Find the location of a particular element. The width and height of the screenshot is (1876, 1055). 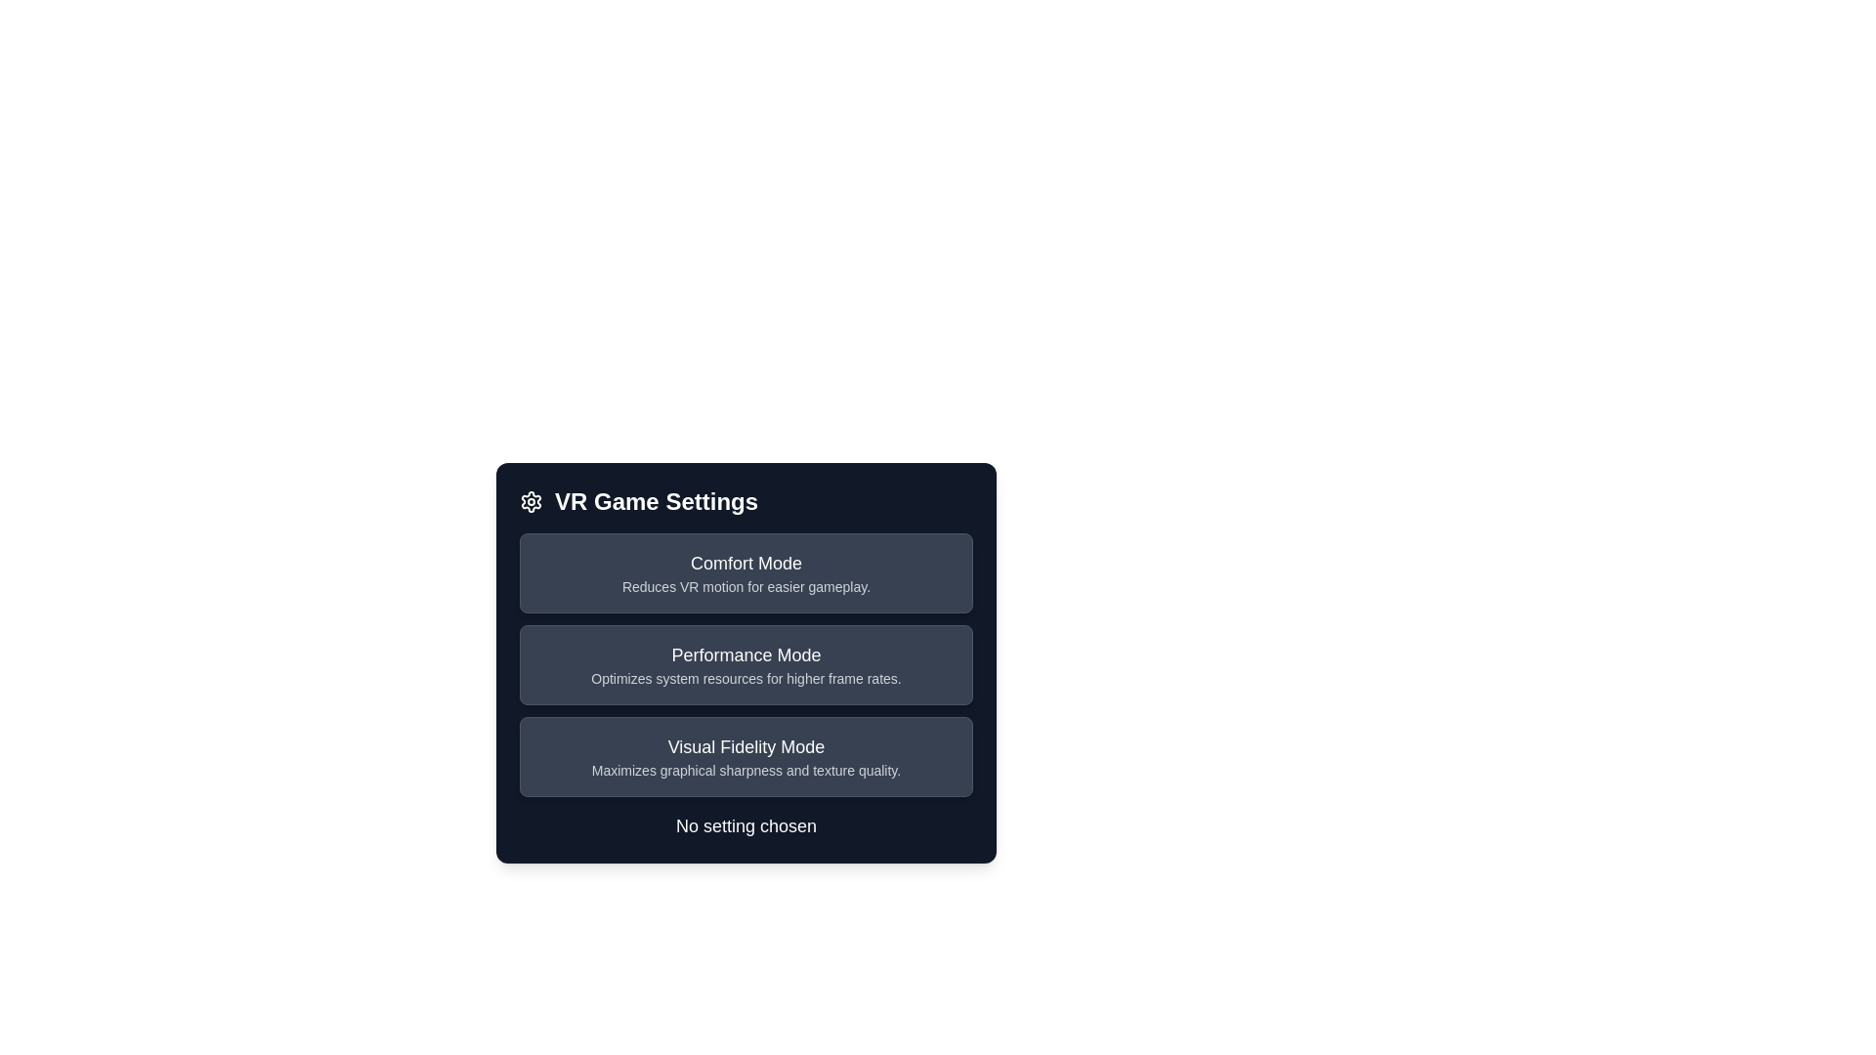

the clickable list item titled 'Performance Mode' which is the second option in the 'VR Game Settings' section is located at coordinates (745, 664).